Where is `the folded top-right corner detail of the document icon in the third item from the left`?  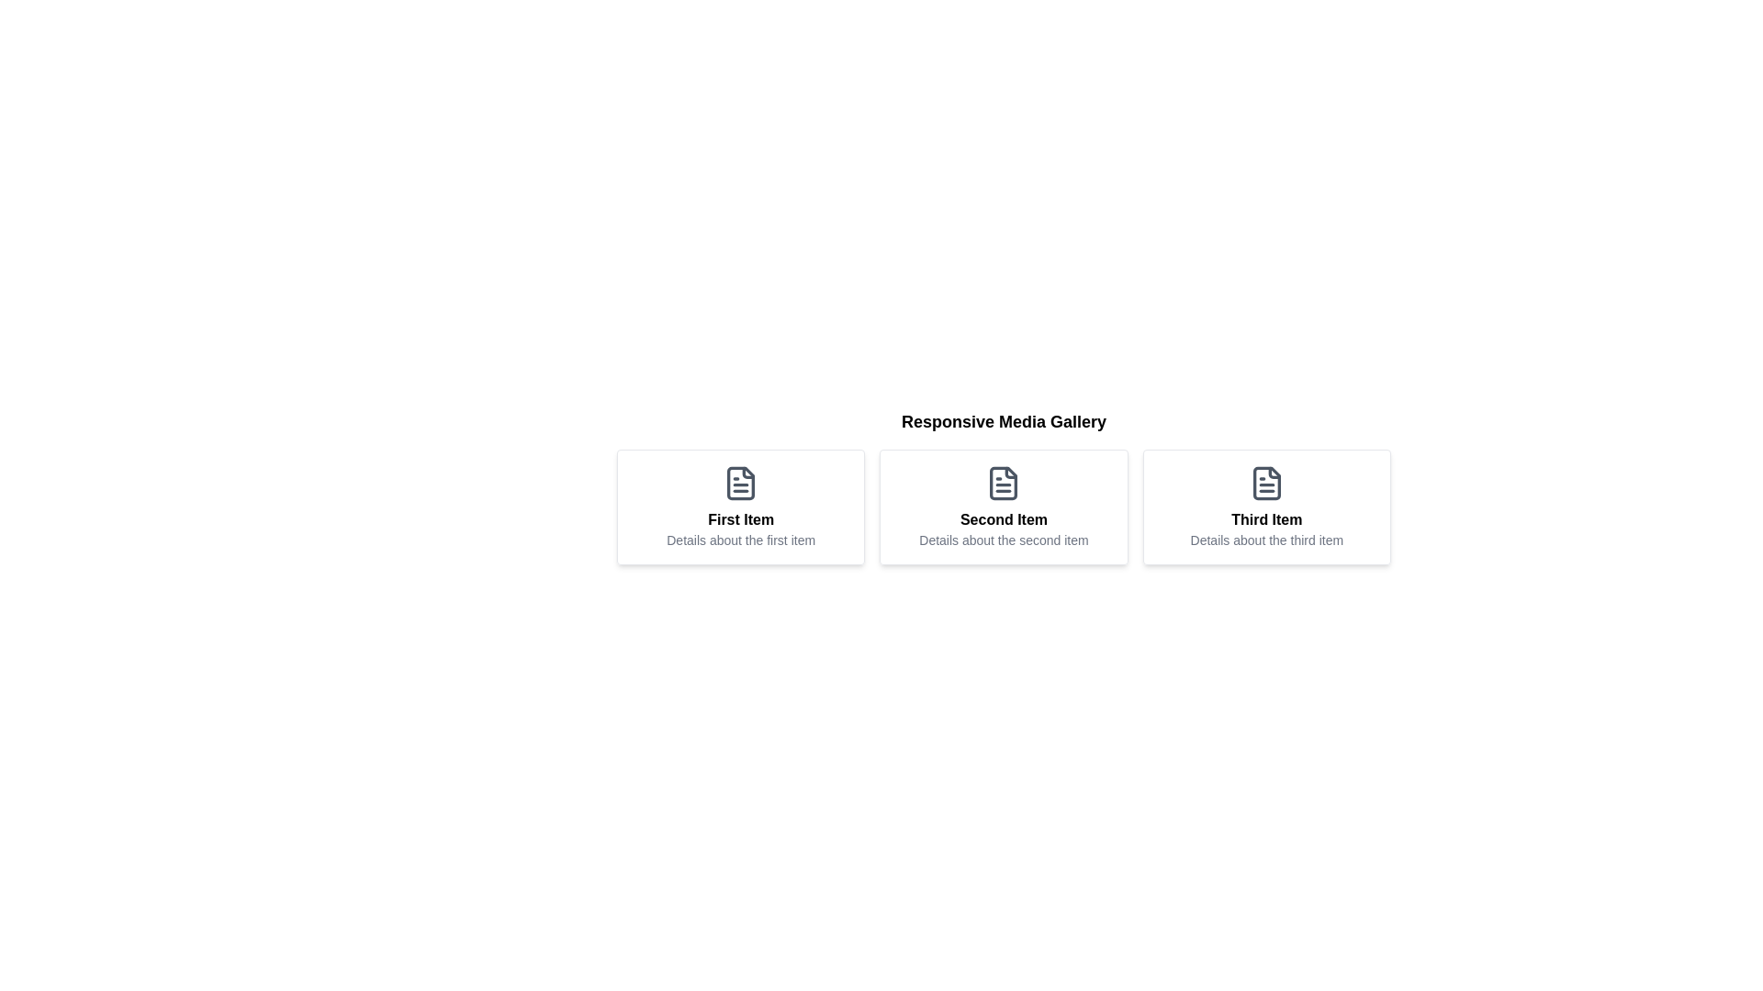 the folded top-right corner detail of the document icon in the third item from the left is located at coordinates (1274, 472).